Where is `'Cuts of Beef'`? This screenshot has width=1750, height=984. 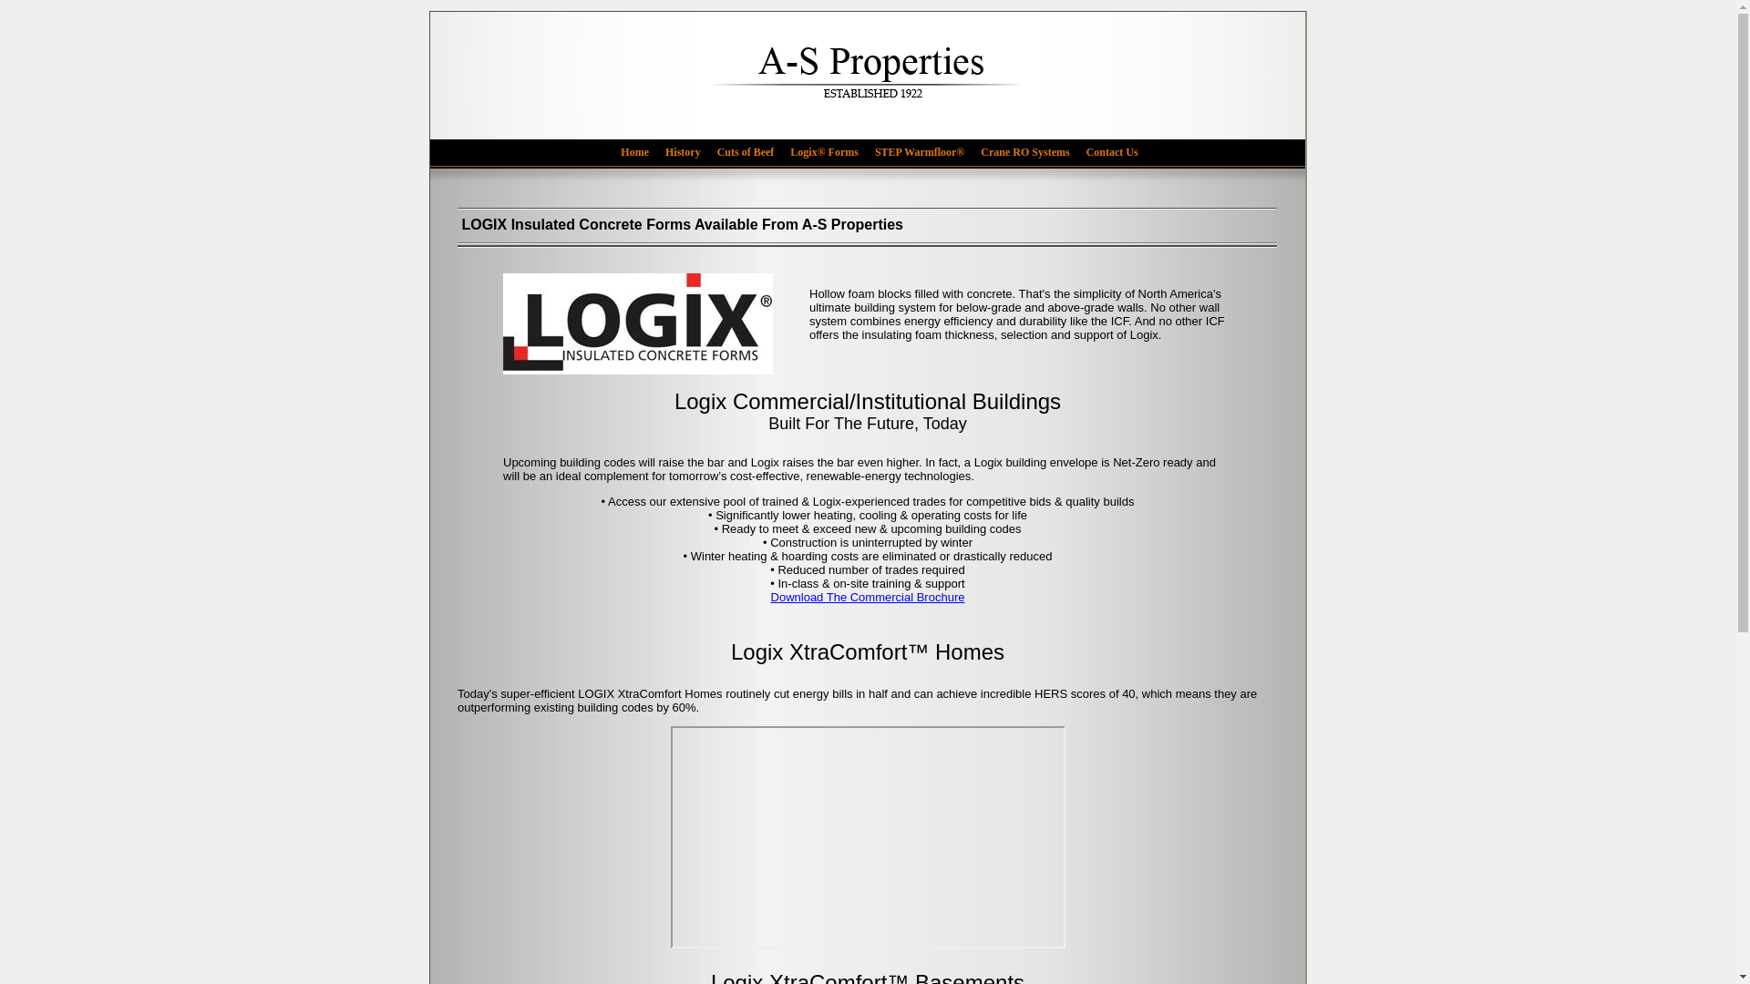
'Cuts of Beef' is located at coordinates (752, 150).